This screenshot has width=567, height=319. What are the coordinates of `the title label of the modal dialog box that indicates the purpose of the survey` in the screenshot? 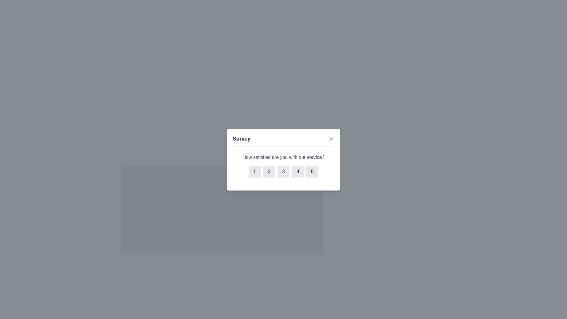 It's located at (242, 139).